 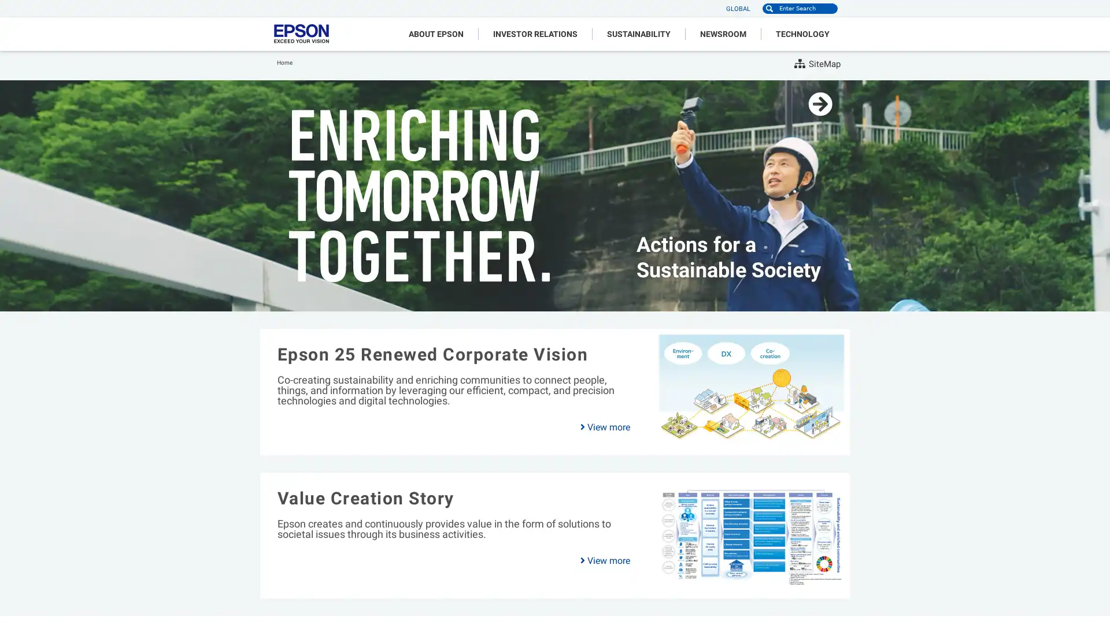 What do you see at coordinates (768, 9) in the screenshot?
I see `Search` at bounding box center [768, 9].